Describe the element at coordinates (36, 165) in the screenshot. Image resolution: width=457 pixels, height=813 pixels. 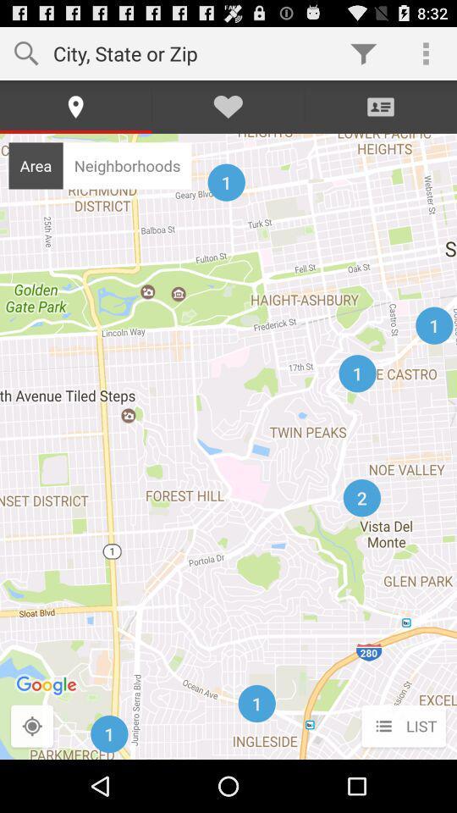
I see `item next to neighborhoods icon` at that location.